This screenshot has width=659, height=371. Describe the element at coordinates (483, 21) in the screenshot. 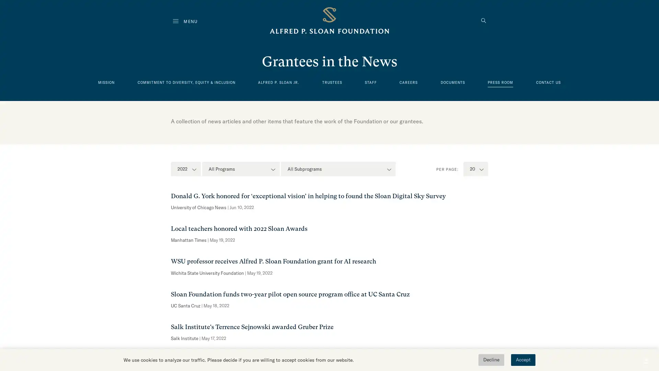

I see `Click to search the website` at that location.